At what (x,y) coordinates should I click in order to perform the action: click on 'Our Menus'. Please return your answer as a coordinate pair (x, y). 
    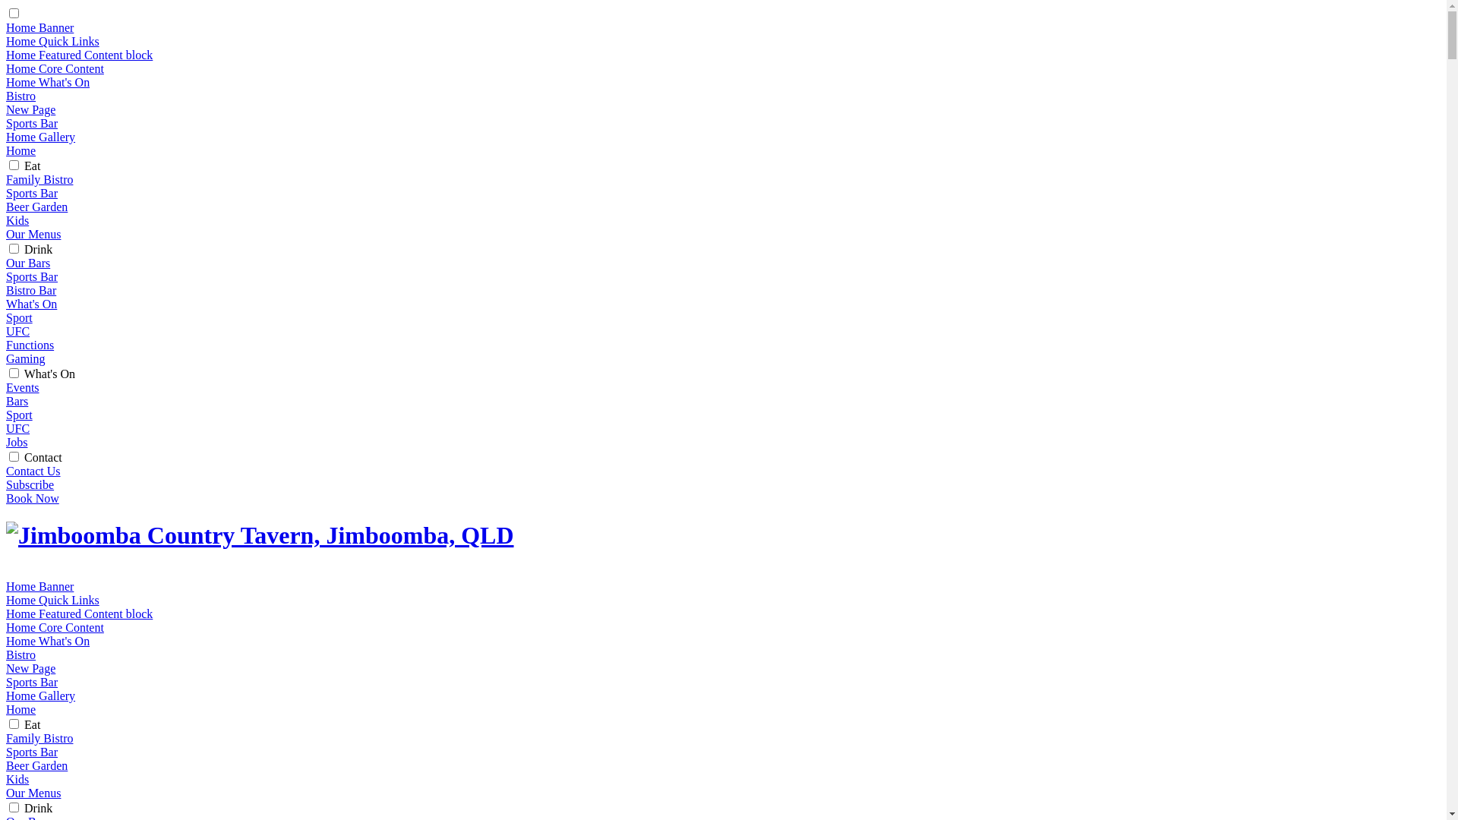
    Looking at the image, I should click on (33, 792).